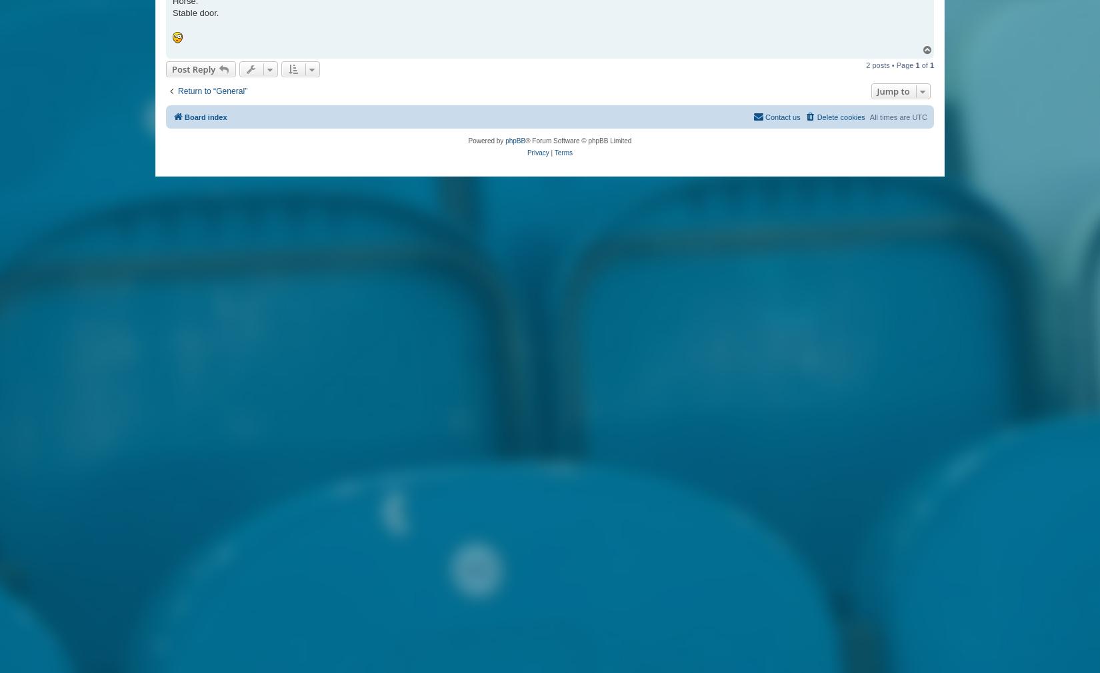 The image size is (1100, 673). Describe the element at coordinates (485, 140) in the screenshot. I see `'Powered by'` at that location.